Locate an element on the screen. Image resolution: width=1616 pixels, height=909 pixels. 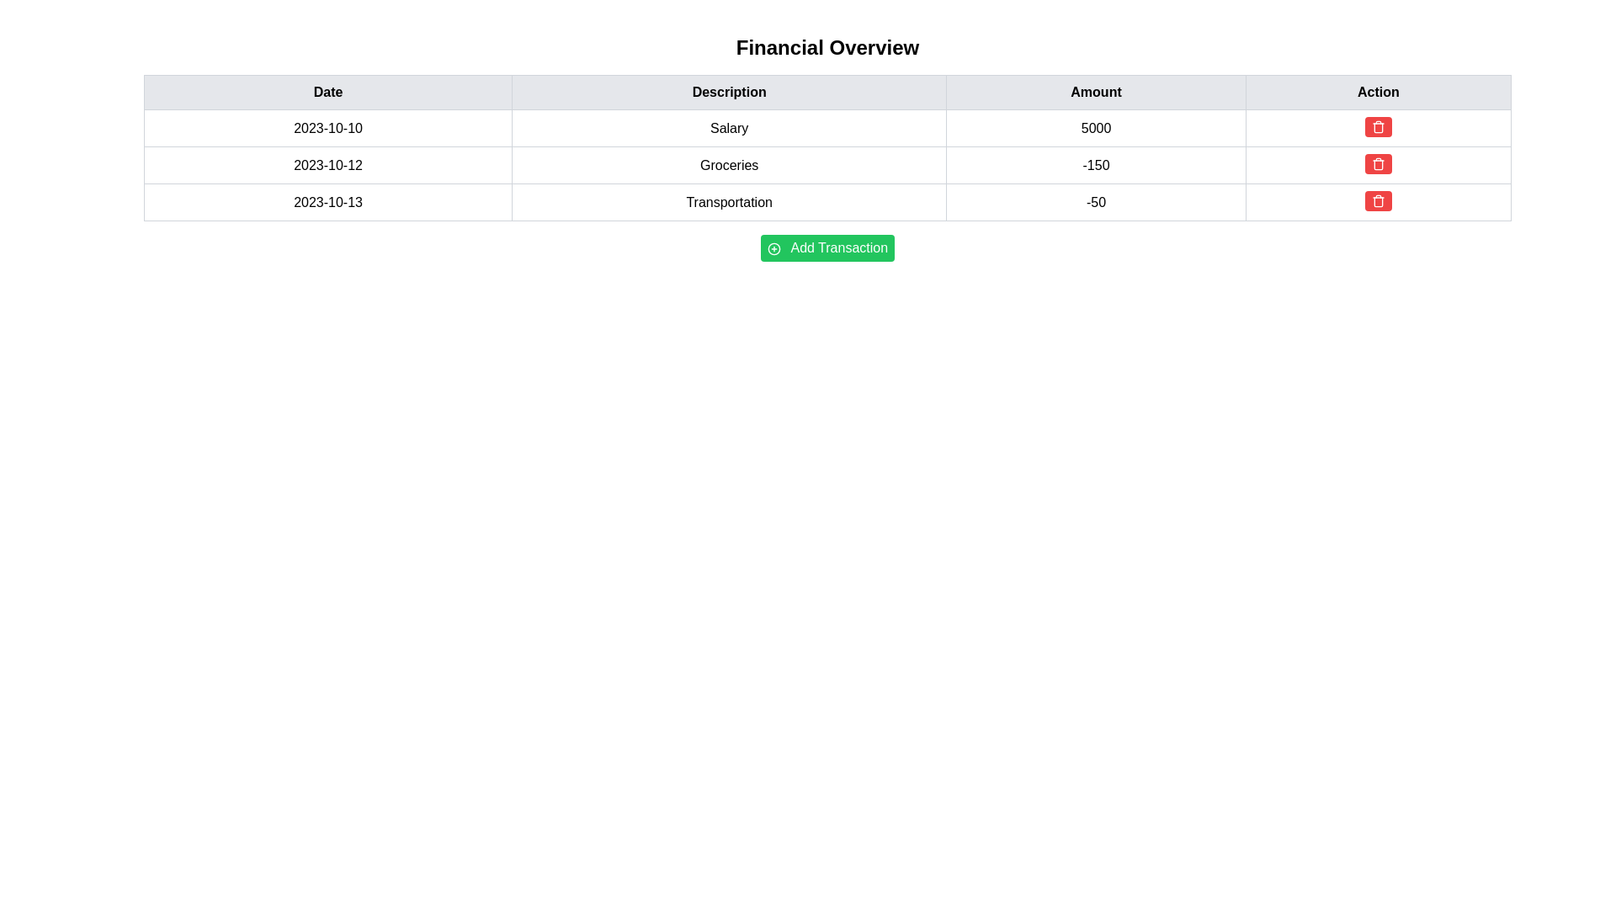
the circular icon with a green border and white background located to the left of the 'Add Transaction' label on the green button below the table is located at coordinates (773, 248).